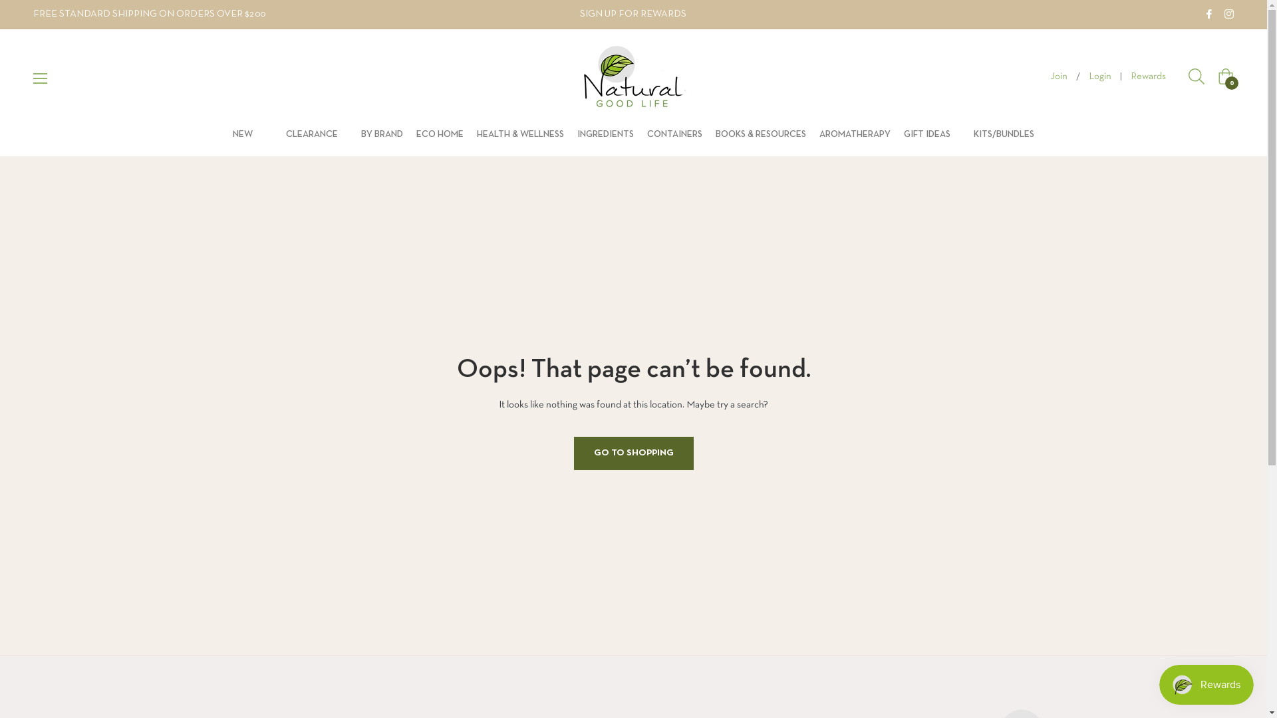  Describe the element at coordinates (605, 134) in the screenshot. I see `'INGREDIENTS'` at that location.